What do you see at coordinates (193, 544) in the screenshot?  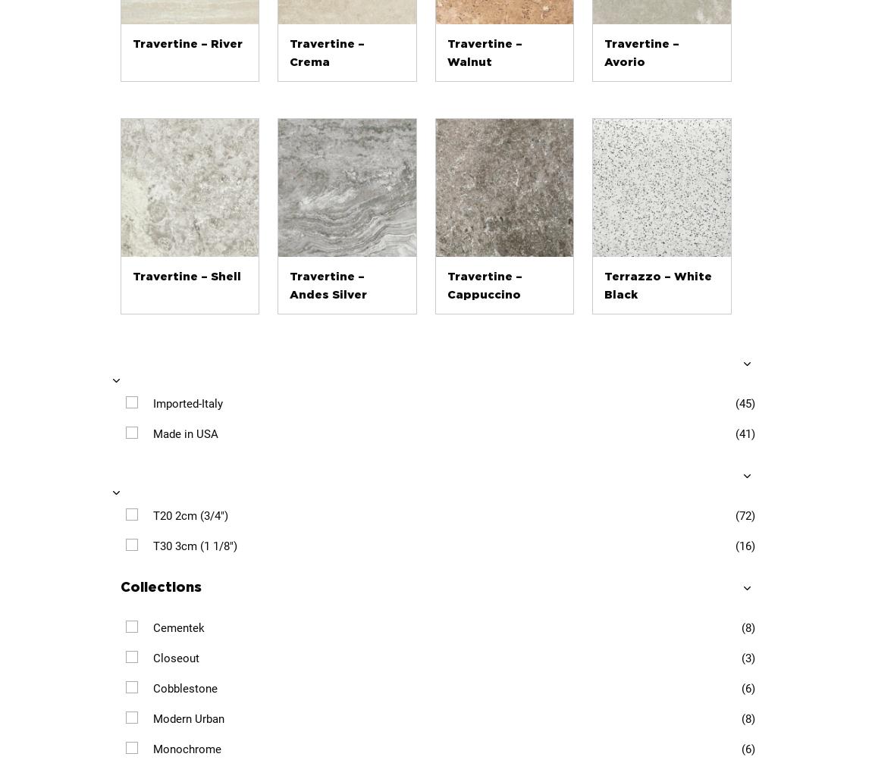 I see `'T30 3cm (1 1/8")'` at bounding box center [193, 544].